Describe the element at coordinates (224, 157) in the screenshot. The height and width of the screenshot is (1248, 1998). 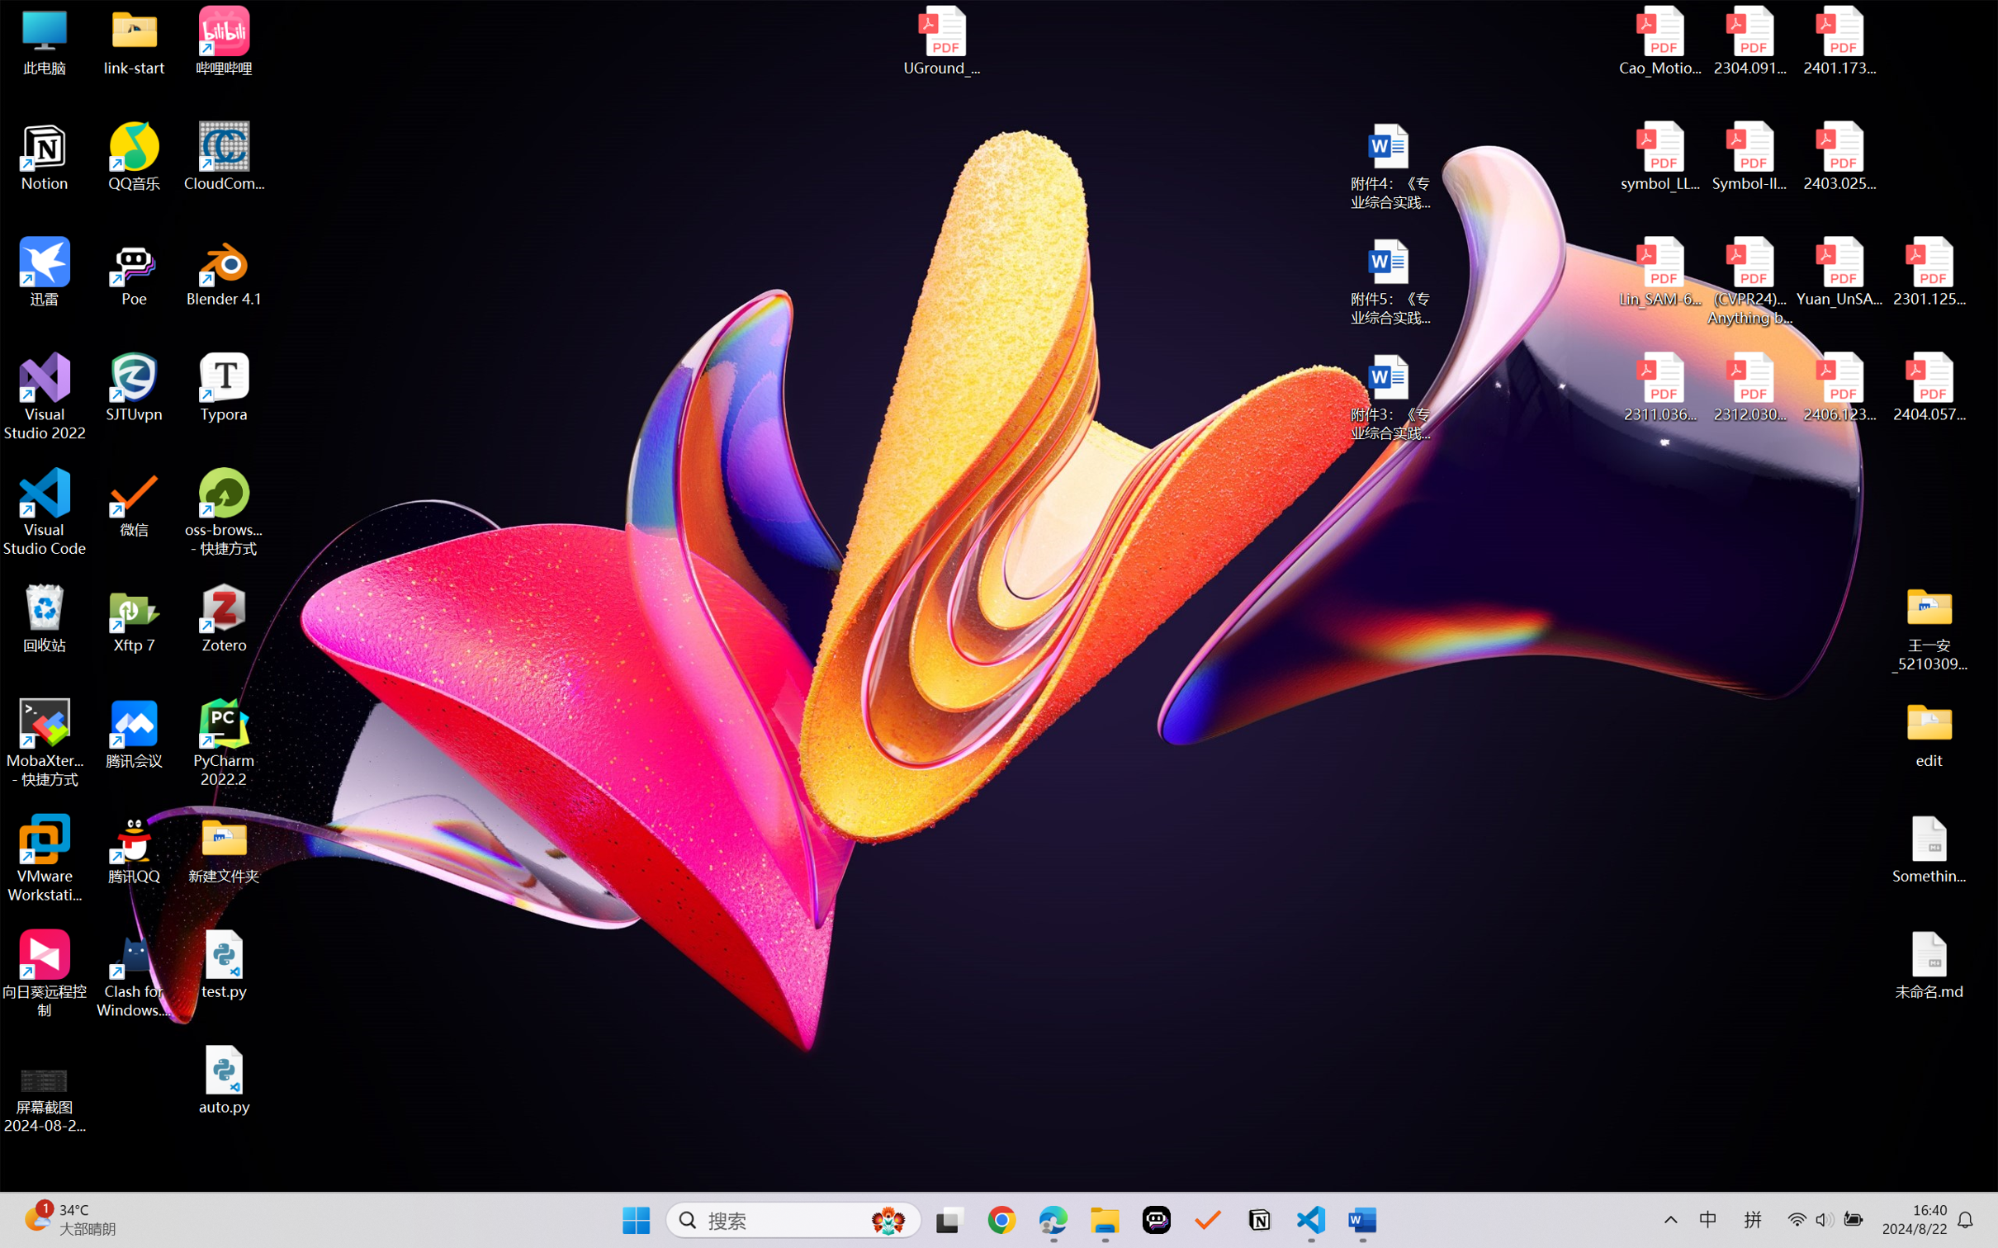
I see `'CloudCompare'` at that location.